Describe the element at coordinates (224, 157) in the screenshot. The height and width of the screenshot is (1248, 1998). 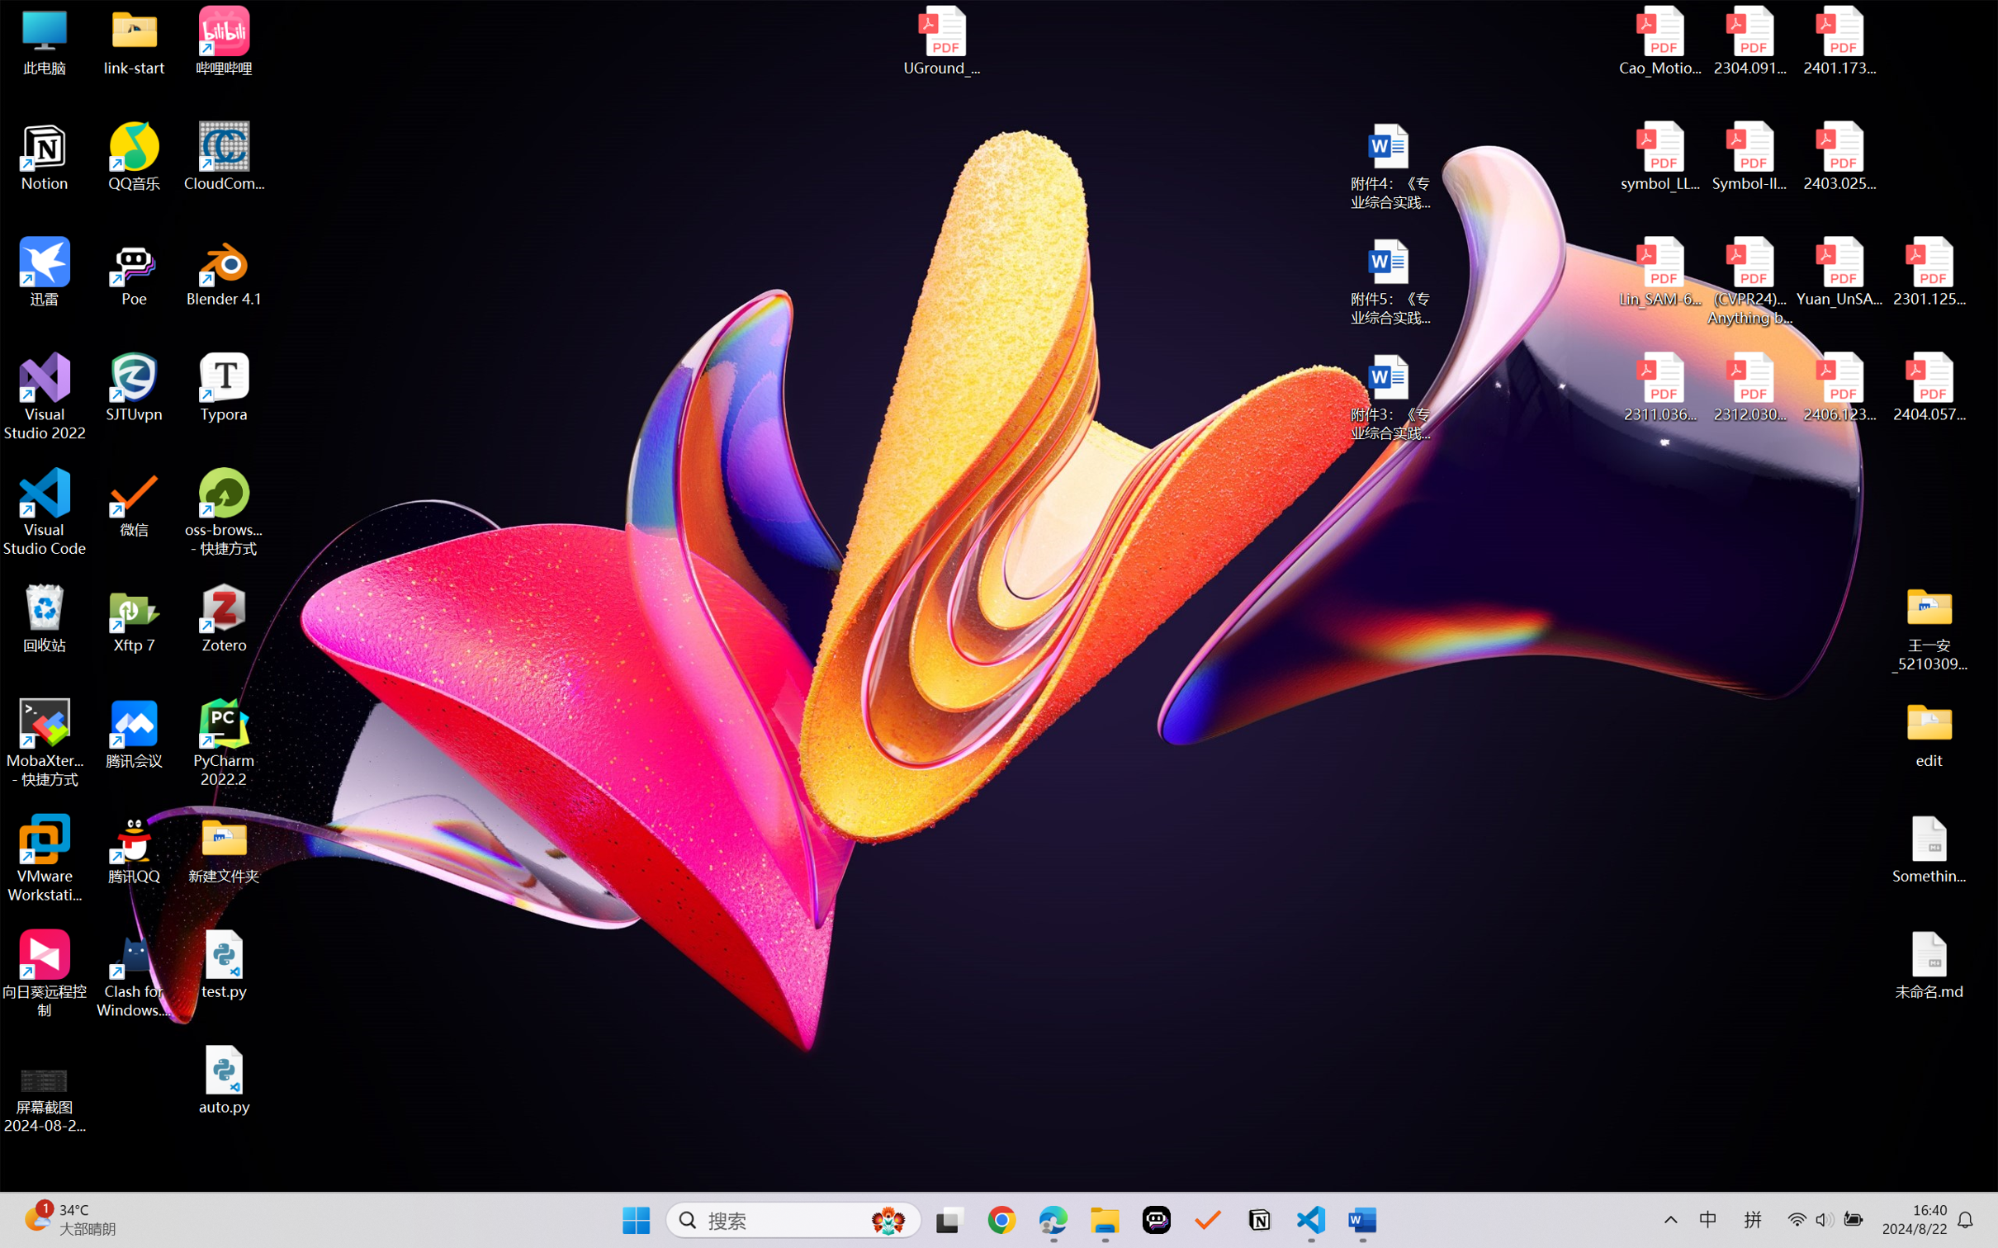
I see `'CloudCompare'` at that location.